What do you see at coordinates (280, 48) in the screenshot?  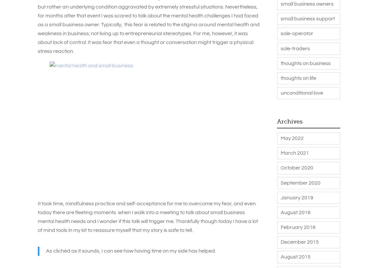 I see `'sole-traders'` at bounding box center [280, 48].